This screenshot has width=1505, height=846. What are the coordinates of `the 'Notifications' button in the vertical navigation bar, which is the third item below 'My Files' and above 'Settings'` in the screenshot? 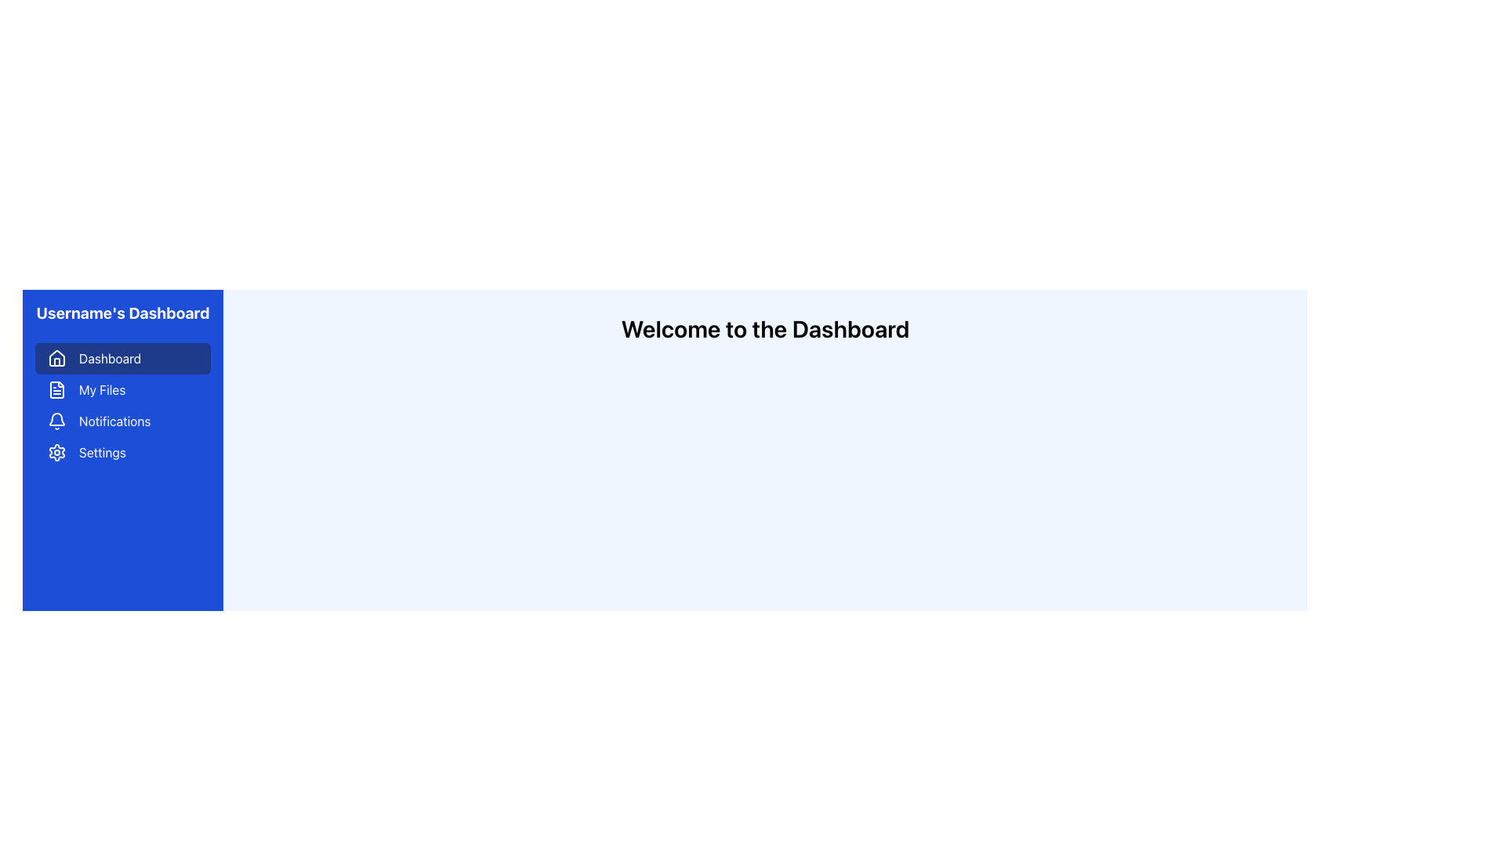 It's located at (122, 420).